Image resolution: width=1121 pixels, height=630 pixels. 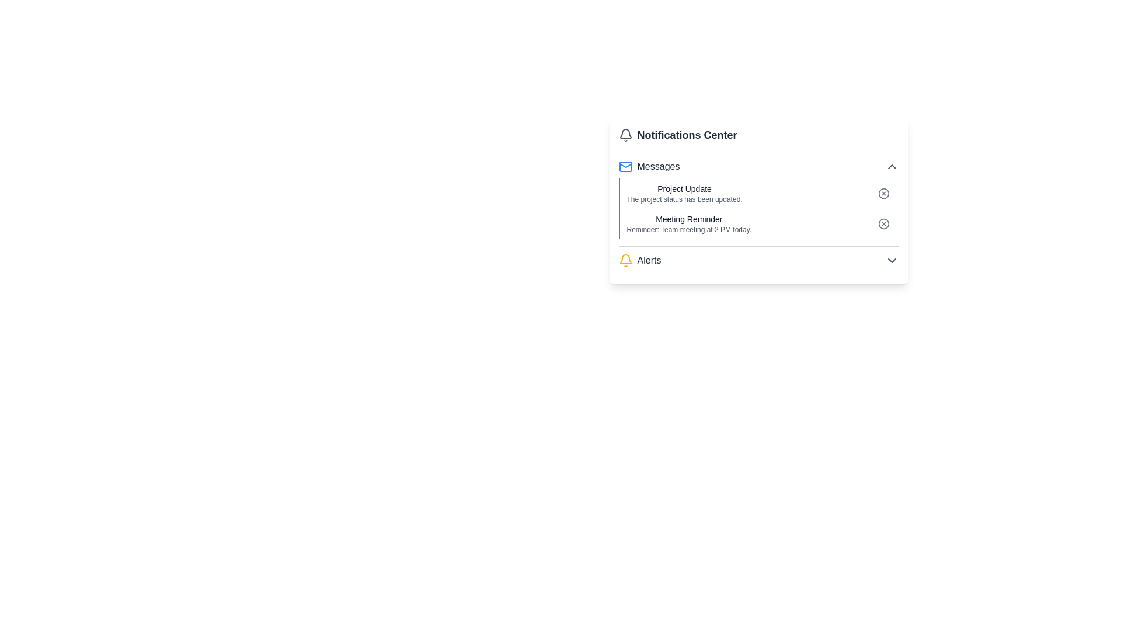 I want to click on text block labeled 'Project Update' in the Notifications Center to get the update, so click(x=684, y=192).